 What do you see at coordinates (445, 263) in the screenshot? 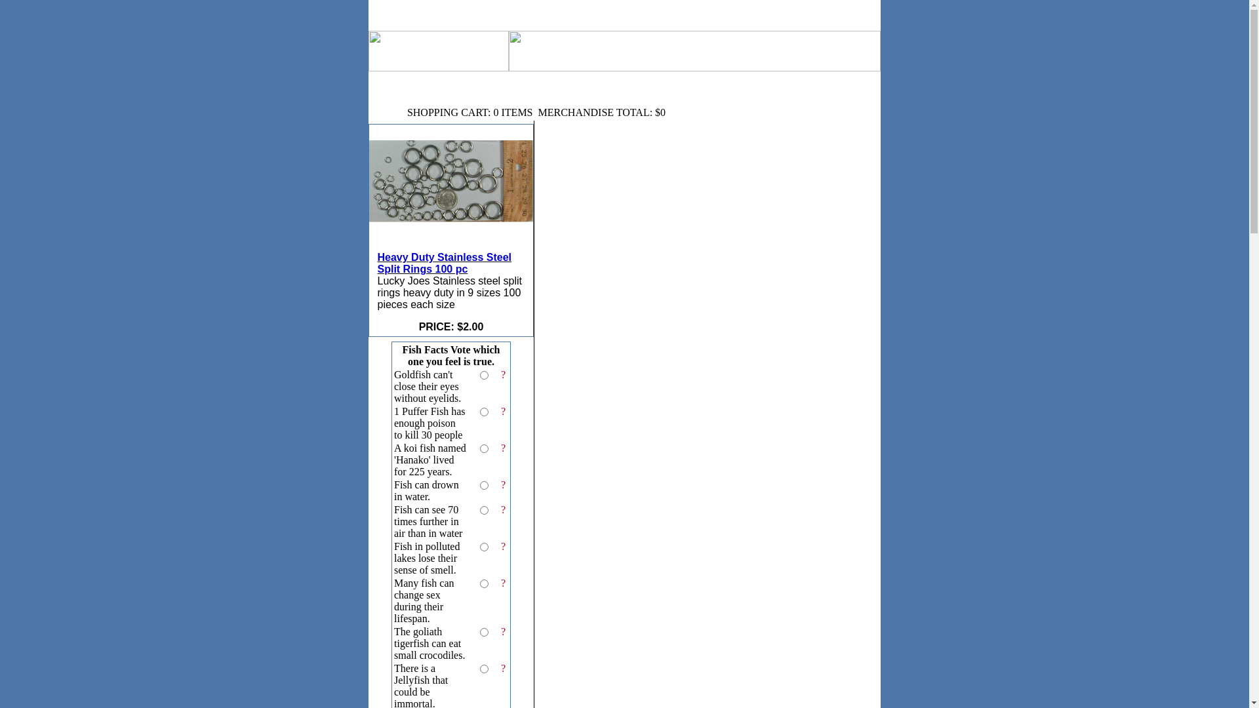
I see `'Heavy Duty Stainless Steel Split Rings 100 pc'` at bounding box center [445, 263].